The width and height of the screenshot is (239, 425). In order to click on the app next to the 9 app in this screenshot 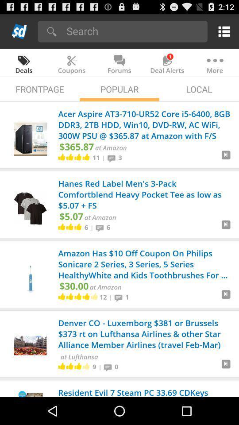, I will do `click(100, 367)`.